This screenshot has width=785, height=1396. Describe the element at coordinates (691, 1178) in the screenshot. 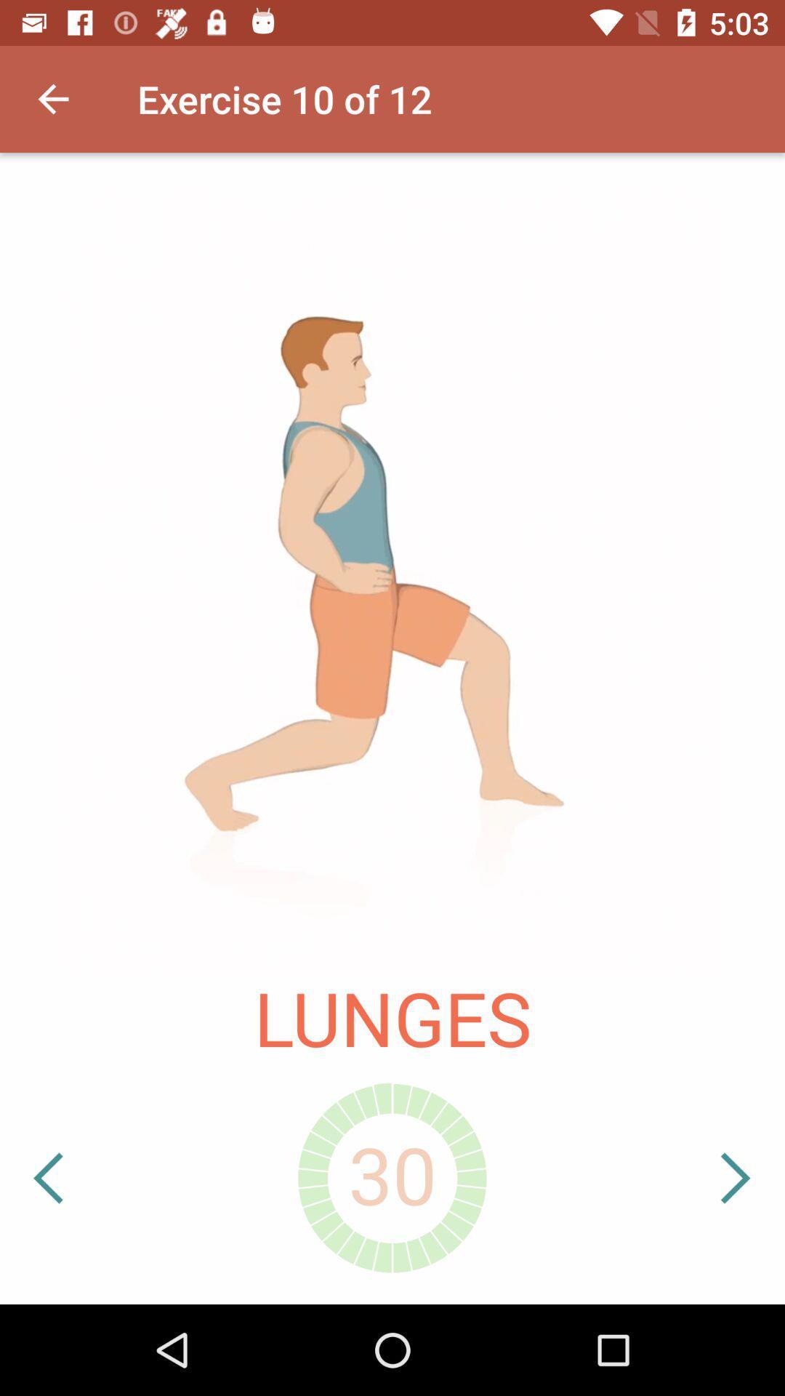

I see `the icon below the lunges` at that location.